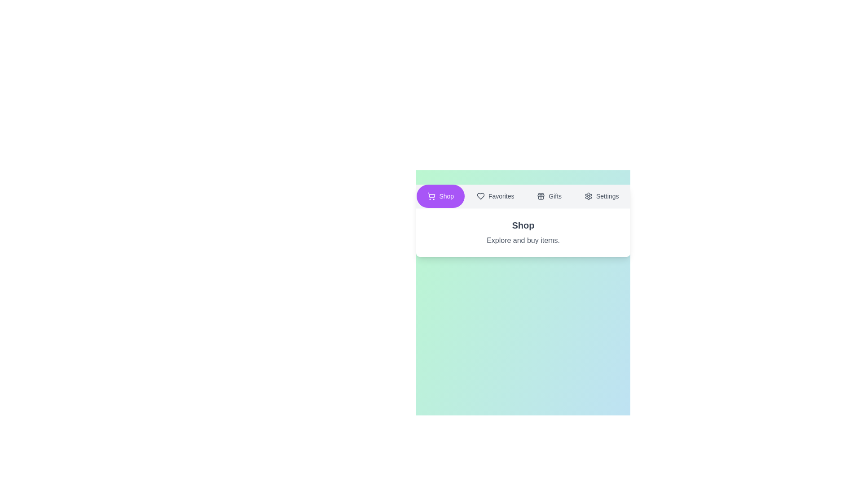  What do you see at coordinates (549, 196) in the screenshot?
I see `the button labeled Gifts` at bounding box center [549, 196].